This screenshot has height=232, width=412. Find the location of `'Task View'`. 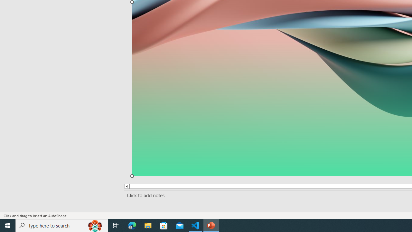

'Task View' is located at coordinates (116, 225).